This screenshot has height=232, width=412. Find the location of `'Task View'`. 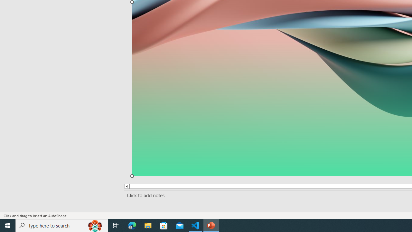

'Task View' is located at coordinates (116, 225).